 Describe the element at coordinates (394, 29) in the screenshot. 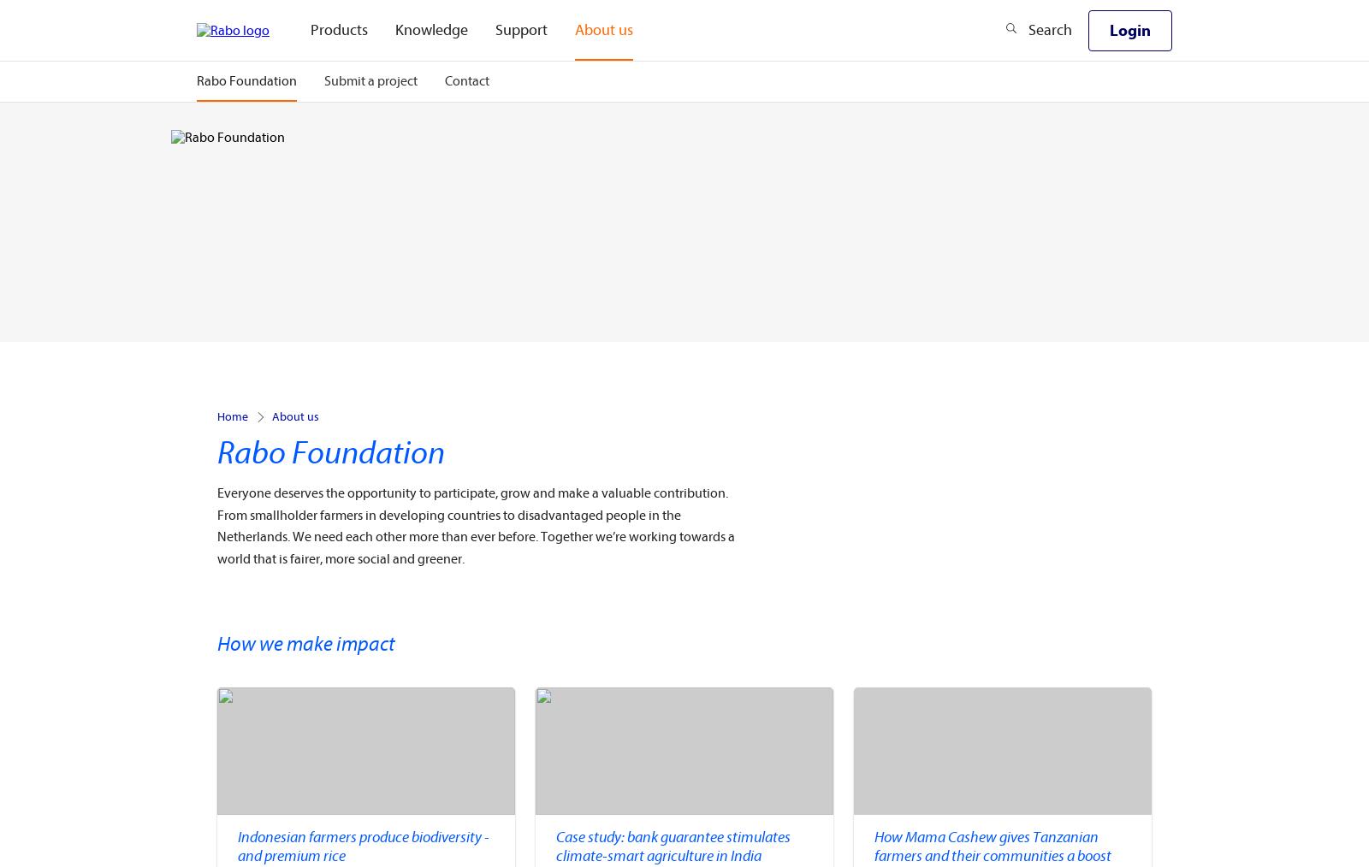

I see `'Knowledge'` at that location.